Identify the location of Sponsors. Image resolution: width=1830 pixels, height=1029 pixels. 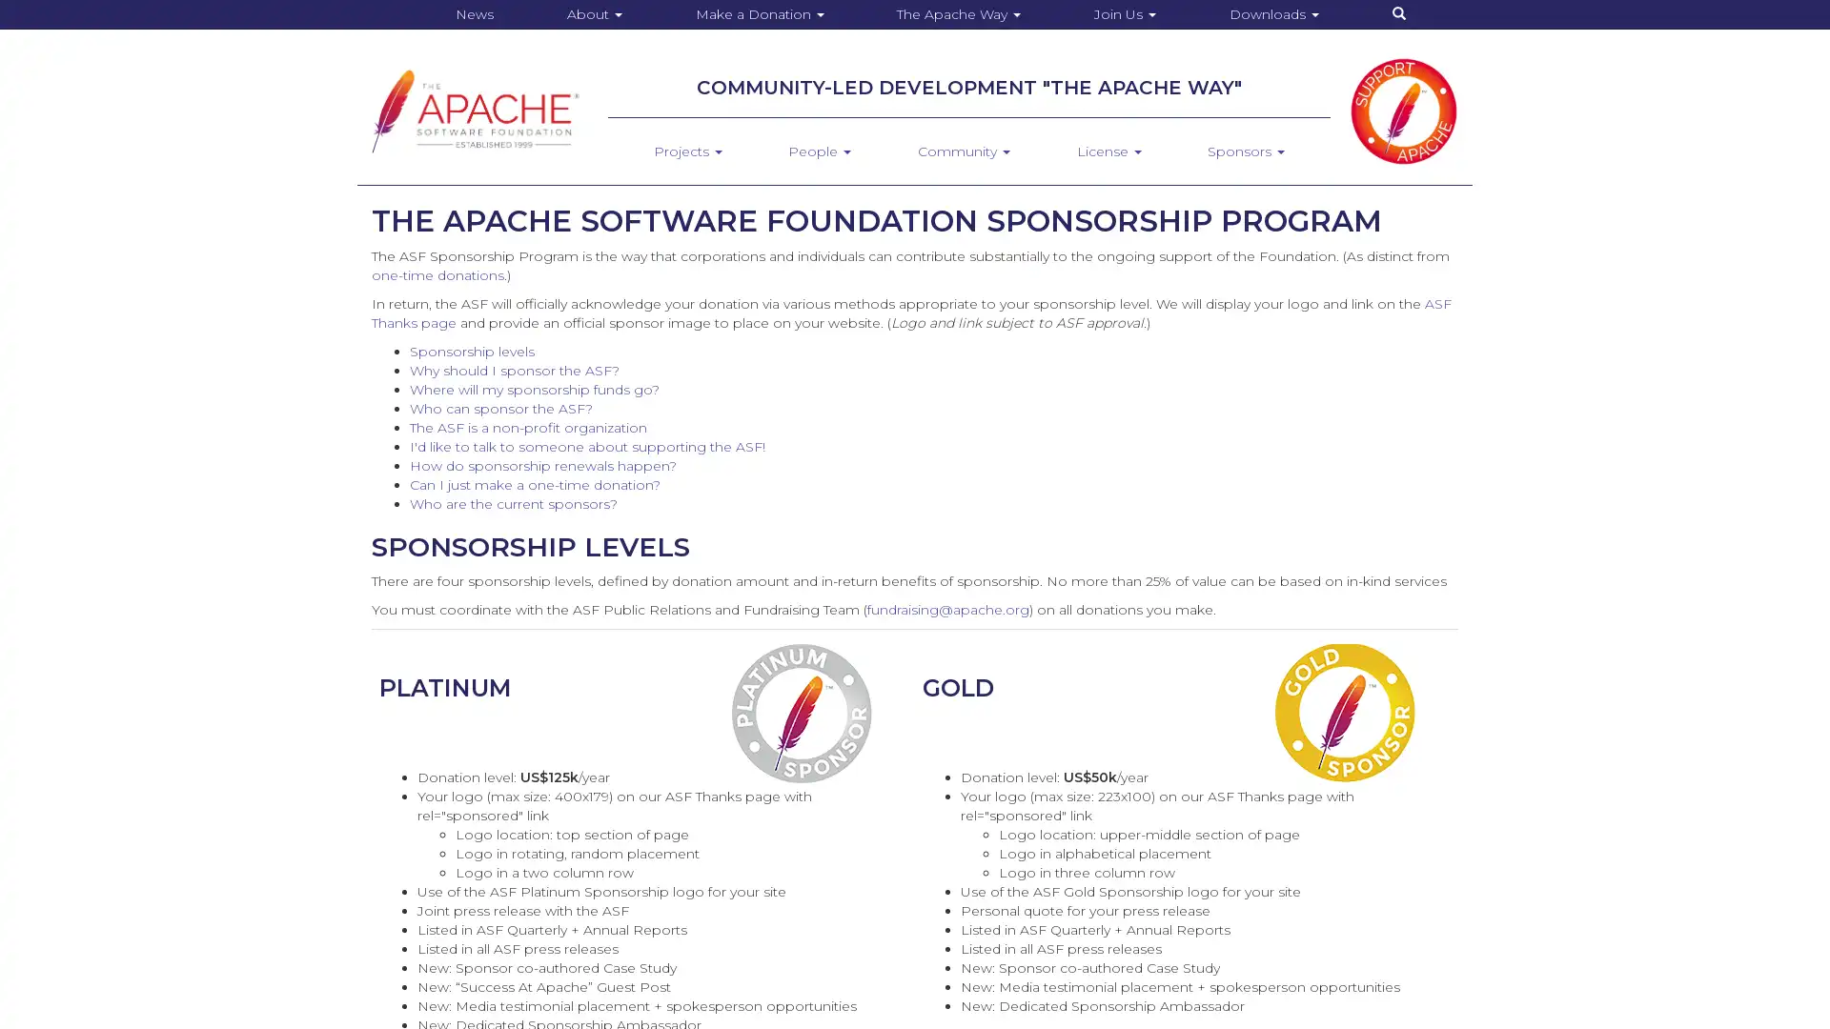
(1246, 150).